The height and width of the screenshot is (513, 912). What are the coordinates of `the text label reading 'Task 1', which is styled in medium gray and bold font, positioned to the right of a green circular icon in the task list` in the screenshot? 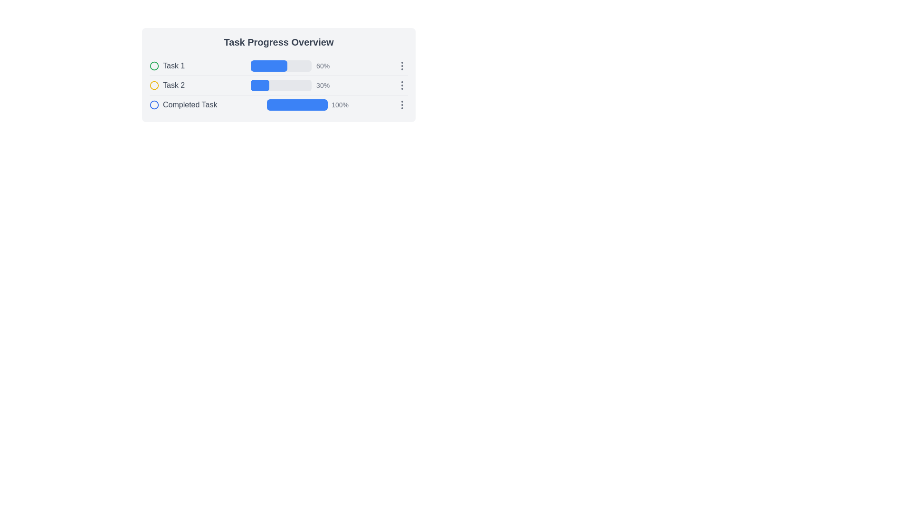 It's located at (174, 65).